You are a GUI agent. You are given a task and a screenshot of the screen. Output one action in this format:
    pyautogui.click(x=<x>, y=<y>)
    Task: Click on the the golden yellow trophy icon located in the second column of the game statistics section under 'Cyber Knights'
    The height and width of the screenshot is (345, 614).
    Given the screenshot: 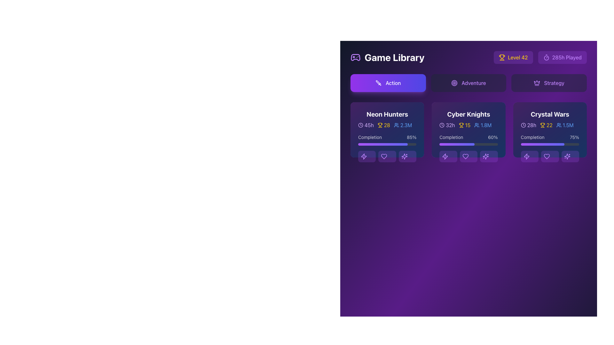 What is the action you would take?
    pyautogui.click(x=461, y=125)
    